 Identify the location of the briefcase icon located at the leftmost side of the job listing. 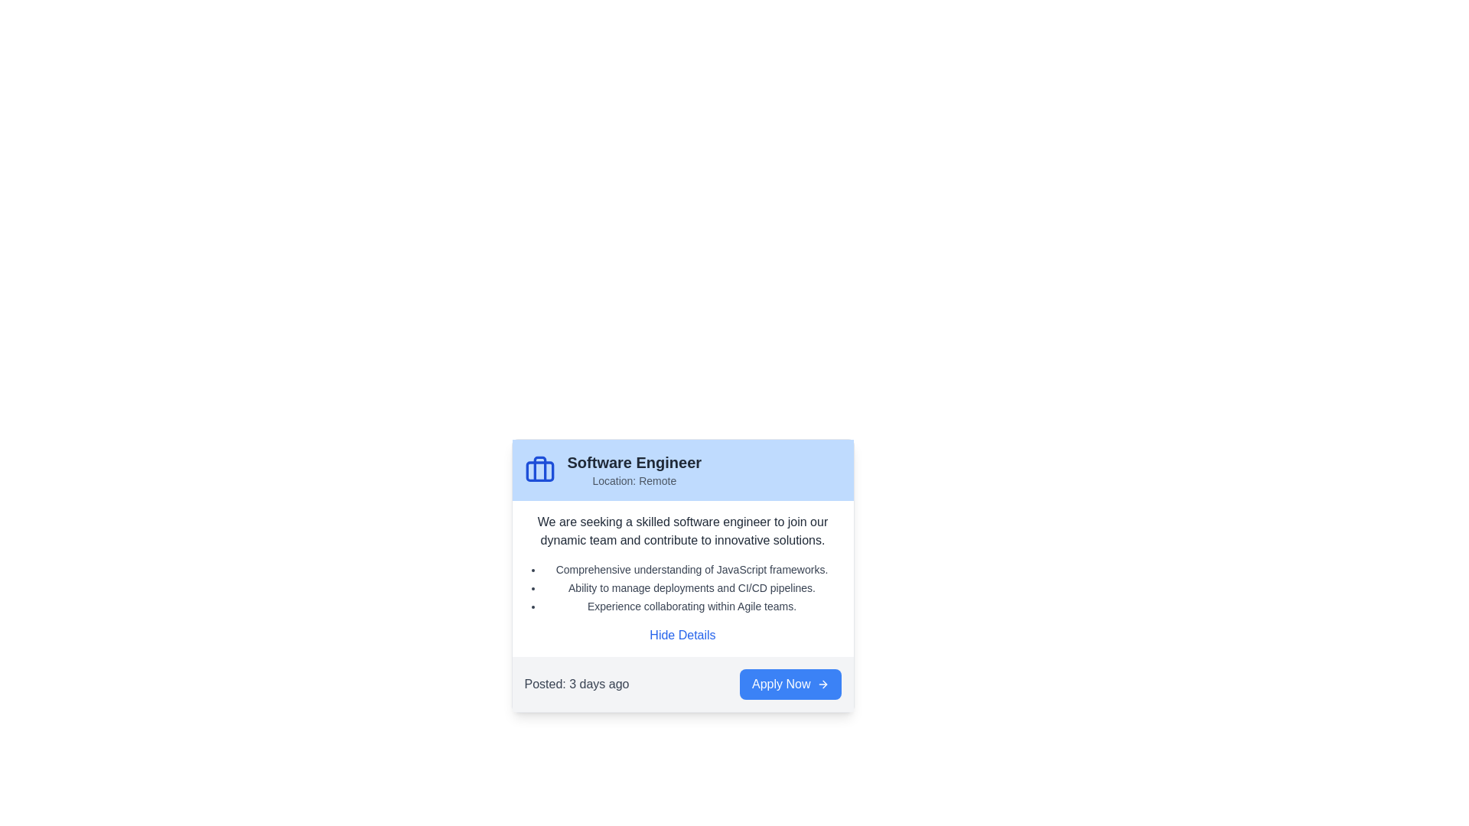
(539, 469).